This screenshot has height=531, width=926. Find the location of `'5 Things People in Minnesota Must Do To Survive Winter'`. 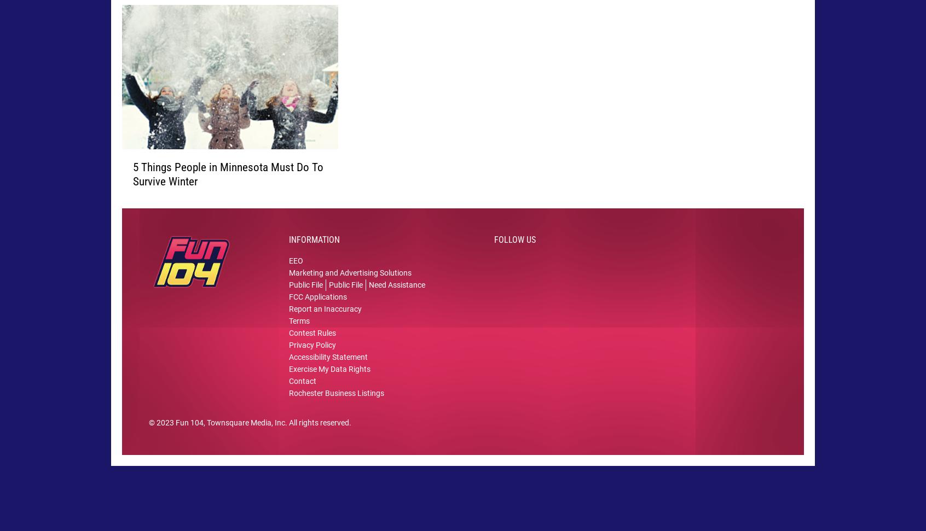

'5 Things People in Minnesota Must Do To Survive Winter' is located at coordinates (228, 191).